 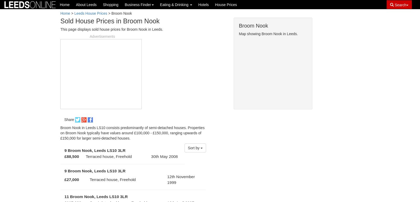 I want to click on 'Broom Nook in Leeds LS10 consists predominantly of semi-detached houses. Properties on Broom Nook typically have values around £100,000 - £150,000, ranging upwards of £150,000 for larger semi-detached houses.', so click(x=132, y=133).